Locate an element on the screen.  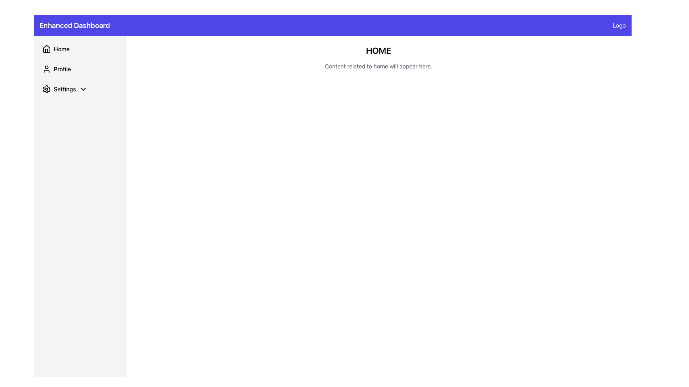
the 'Settings' menu item located at the bottom of the vertical navigation menu is located at coordinates (79, 89).